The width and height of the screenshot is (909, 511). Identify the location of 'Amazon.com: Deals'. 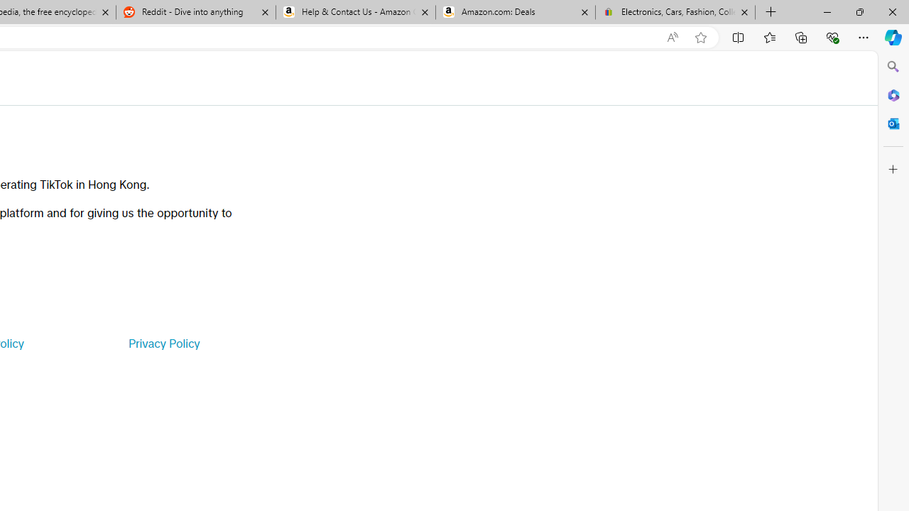
(515, 12).